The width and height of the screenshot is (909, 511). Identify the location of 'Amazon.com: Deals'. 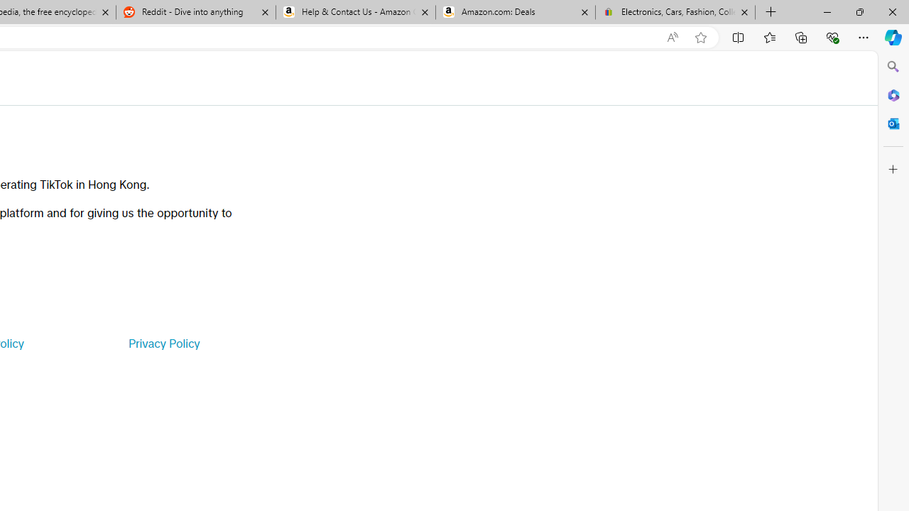
(515, 12).